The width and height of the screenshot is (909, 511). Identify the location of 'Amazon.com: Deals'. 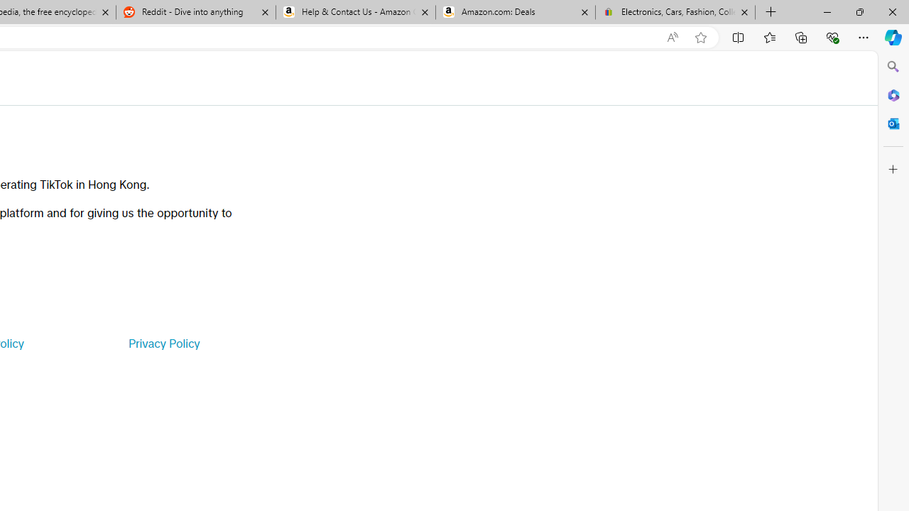
(515, 12).